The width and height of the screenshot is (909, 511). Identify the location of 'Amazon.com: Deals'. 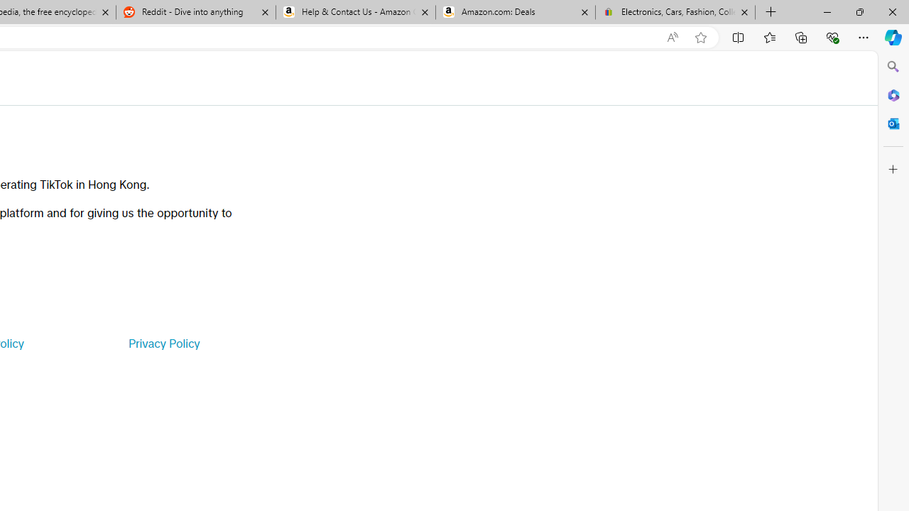
(515, 12).